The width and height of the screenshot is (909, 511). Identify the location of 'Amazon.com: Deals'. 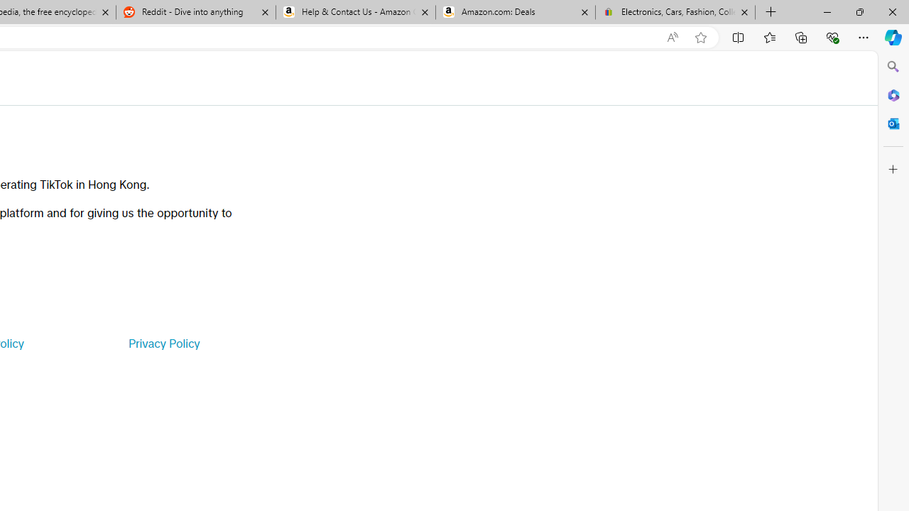
(515, 12).